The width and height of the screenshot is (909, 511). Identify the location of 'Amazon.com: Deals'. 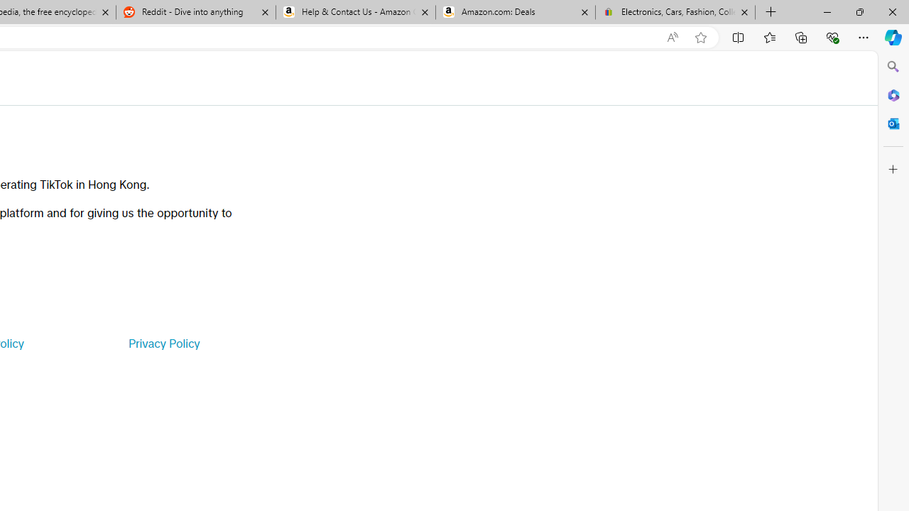
(515, 12).